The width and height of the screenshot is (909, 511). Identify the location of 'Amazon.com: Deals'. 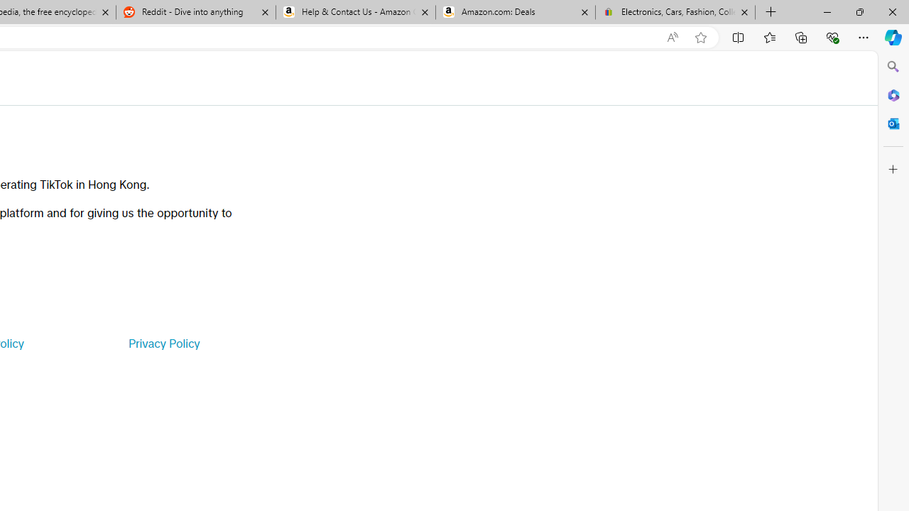
(515, 12).